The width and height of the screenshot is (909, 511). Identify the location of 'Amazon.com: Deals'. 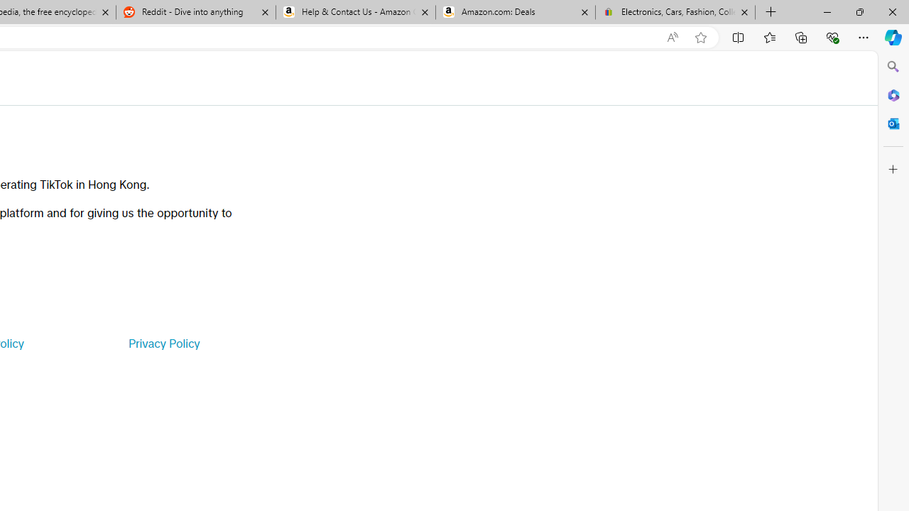
(515, 12).